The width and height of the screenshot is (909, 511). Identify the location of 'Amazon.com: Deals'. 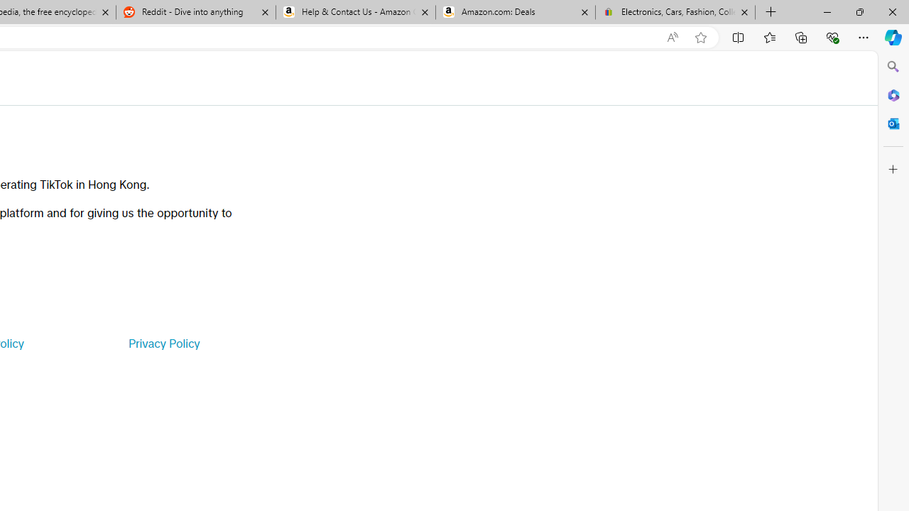
(515, 12).